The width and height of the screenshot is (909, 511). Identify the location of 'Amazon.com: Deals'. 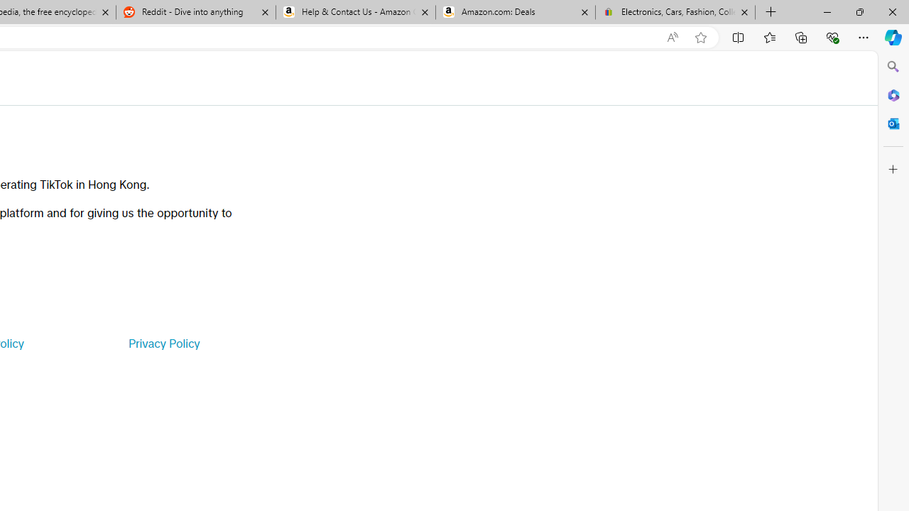
(515, 12).